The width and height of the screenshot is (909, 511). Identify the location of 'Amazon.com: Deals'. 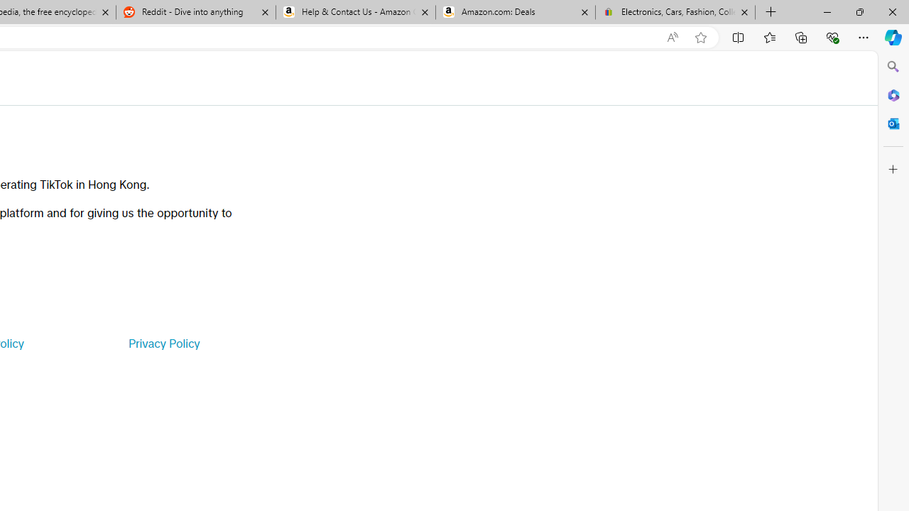
(515, 12).